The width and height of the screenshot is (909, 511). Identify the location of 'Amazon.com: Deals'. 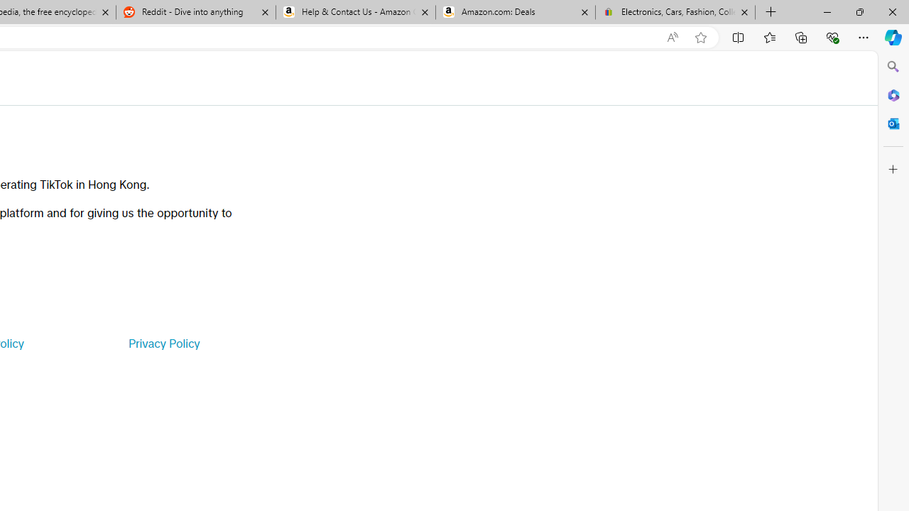
(515, 12).